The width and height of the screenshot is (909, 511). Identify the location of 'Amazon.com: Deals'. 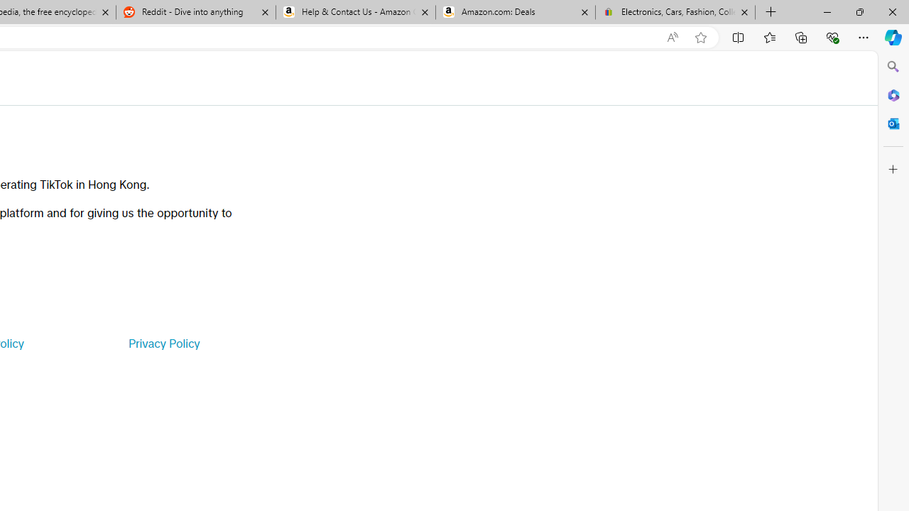
(515, 12).